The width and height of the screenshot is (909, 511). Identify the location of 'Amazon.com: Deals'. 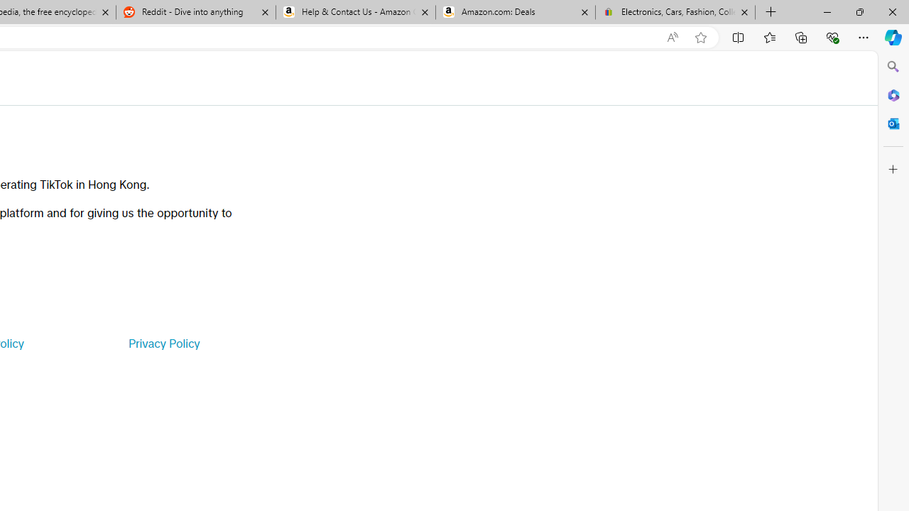
(515, 12).